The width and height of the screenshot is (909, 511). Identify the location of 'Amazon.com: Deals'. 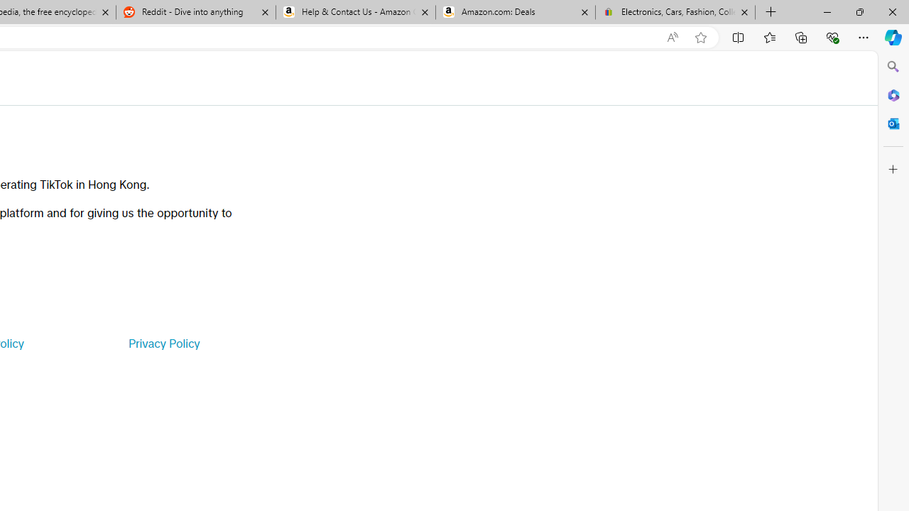
(515, 12).